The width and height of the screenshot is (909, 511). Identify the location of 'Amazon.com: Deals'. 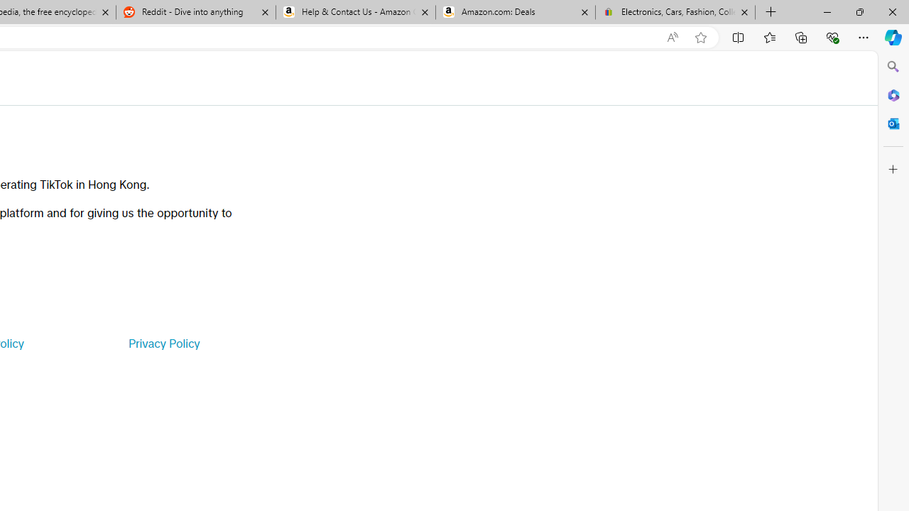
(515, 12).